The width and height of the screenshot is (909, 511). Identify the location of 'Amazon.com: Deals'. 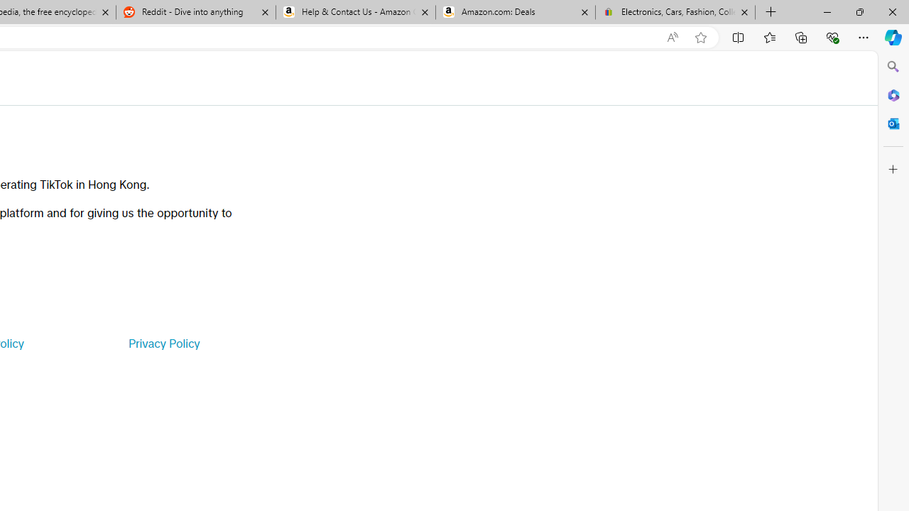
(515, 12).